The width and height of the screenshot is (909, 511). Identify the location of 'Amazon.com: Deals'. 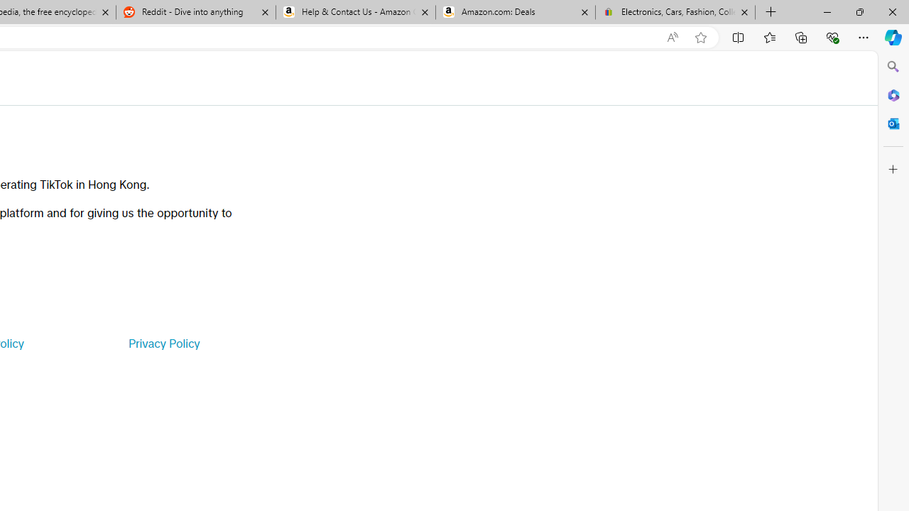
(515, 12).